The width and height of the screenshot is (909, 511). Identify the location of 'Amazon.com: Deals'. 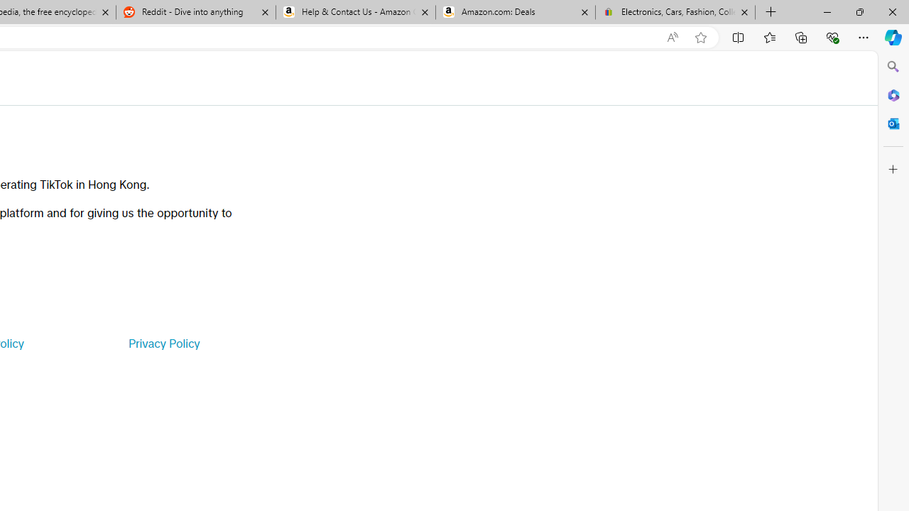
(515, 12).